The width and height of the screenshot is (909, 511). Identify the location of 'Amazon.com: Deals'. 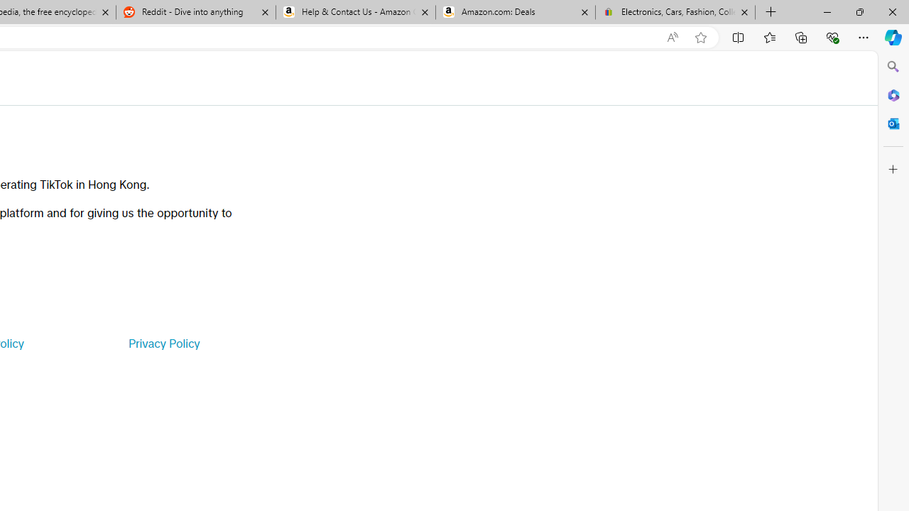
(515, 12).